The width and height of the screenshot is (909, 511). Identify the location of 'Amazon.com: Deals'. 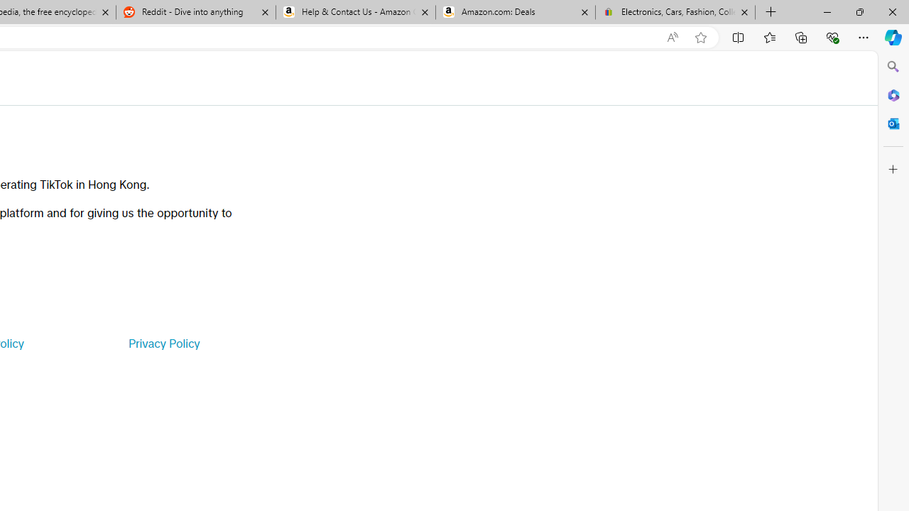
(515, 12).